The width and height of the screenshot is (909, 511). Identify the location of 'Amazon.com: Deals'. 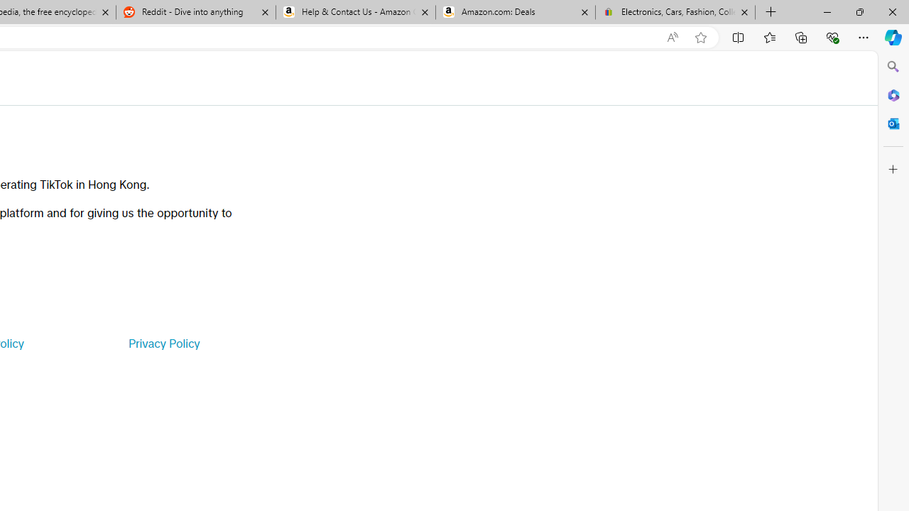
(515, 12).